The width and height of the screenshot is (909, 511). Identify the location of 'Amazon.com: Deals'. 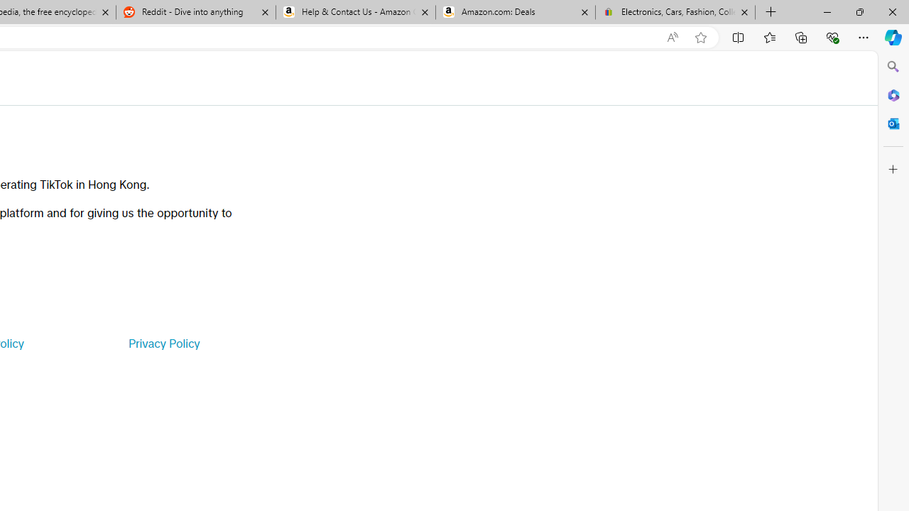
(515, 12).